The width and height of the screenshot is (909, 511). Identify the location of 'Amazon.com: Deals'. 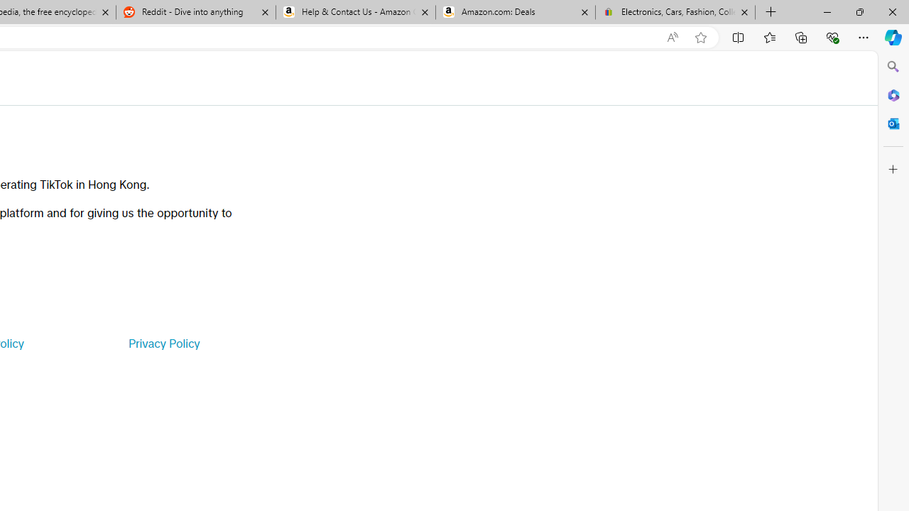
(515, 12).